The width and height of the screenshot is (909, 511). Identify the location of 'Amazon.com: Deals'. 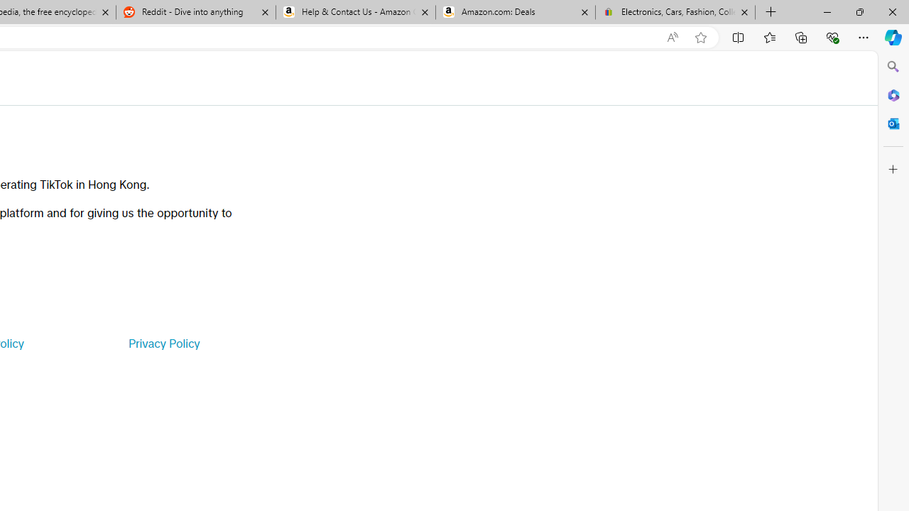
(515, 12).